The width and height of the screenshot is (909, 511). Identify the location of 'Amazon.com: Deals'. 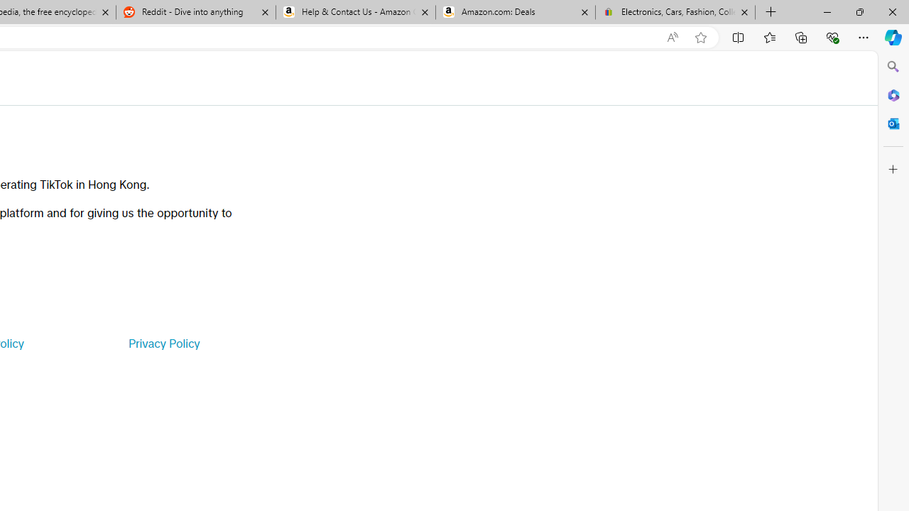
(515, 12).